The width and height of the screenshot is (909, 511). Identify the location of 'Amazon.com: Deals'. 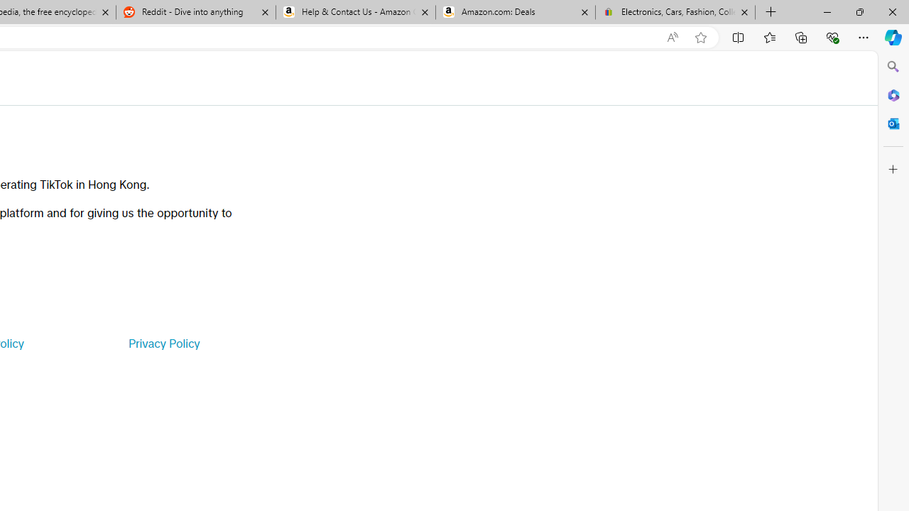
(515, 12).